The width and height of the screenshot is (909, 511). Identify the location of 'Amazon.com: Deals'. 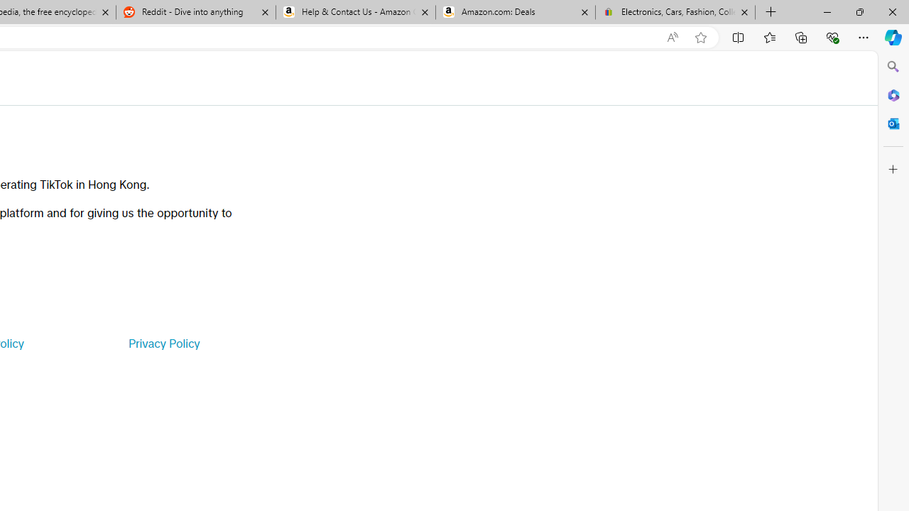
(515, 12).